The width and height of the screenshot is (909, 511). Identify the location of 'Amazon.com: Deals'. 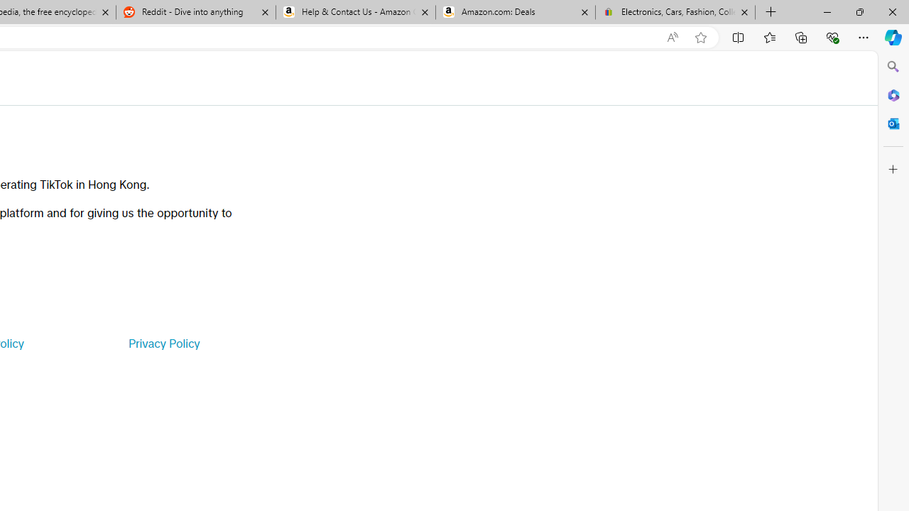
(515, 12).